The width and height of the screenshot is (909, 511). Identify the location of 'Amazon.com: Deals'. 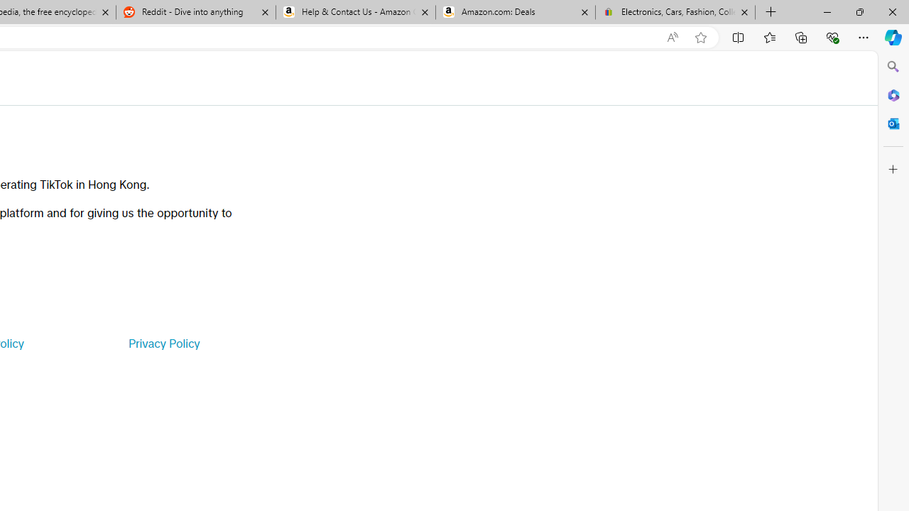
(515, 12).